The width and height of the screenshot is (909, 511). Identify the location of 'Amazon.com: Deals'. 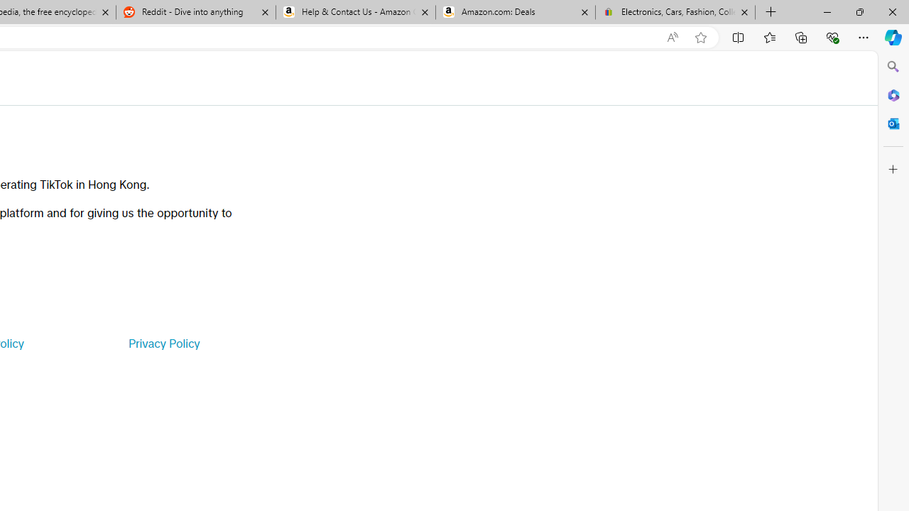
(515, 12).